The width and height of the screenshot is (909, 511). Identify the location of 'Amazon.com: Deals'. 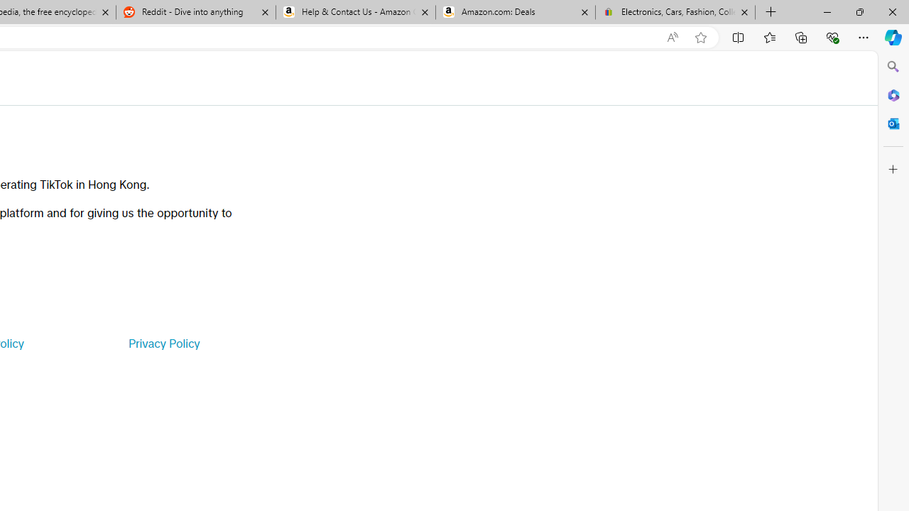
(515, 12).